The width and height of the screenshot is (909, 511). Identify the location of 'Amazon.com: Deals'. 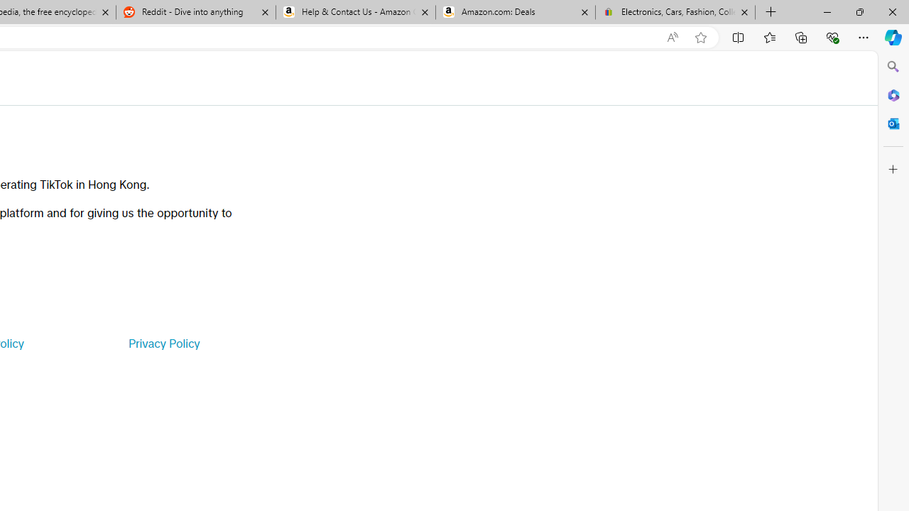
(515, 12).